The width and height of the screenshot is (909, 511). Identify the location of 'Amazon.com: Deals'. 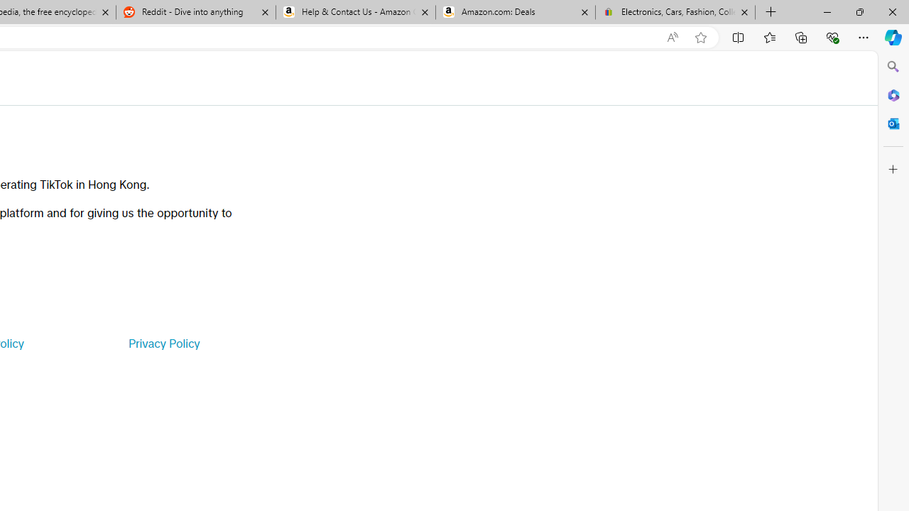
(515, 12).